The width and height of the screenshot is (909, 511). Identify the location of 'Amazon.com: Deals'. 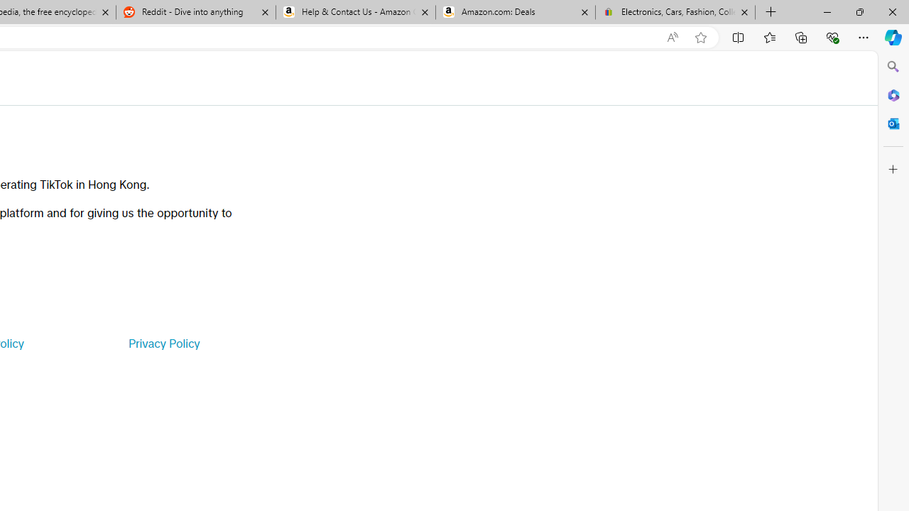
(515, 12).